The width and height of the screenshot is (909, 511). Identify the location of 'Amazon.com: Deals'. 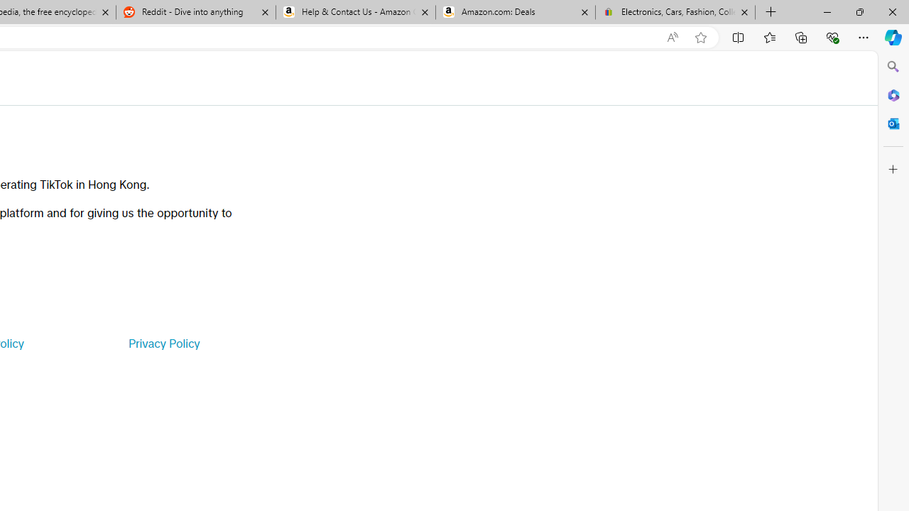
(515, 12).